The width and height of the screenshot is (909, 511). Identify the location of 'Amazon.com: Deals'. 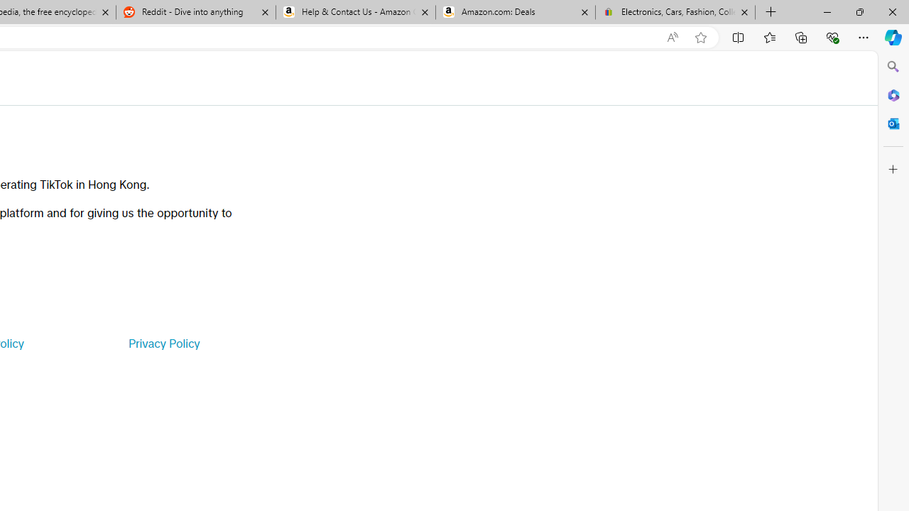
(515, 12).